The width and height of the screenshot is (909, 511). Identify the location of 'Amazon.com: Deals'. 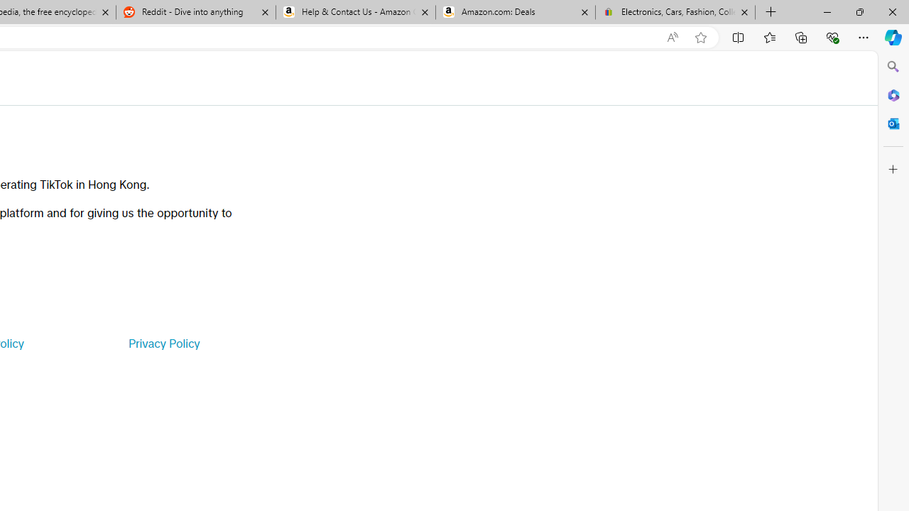
(515, 12).